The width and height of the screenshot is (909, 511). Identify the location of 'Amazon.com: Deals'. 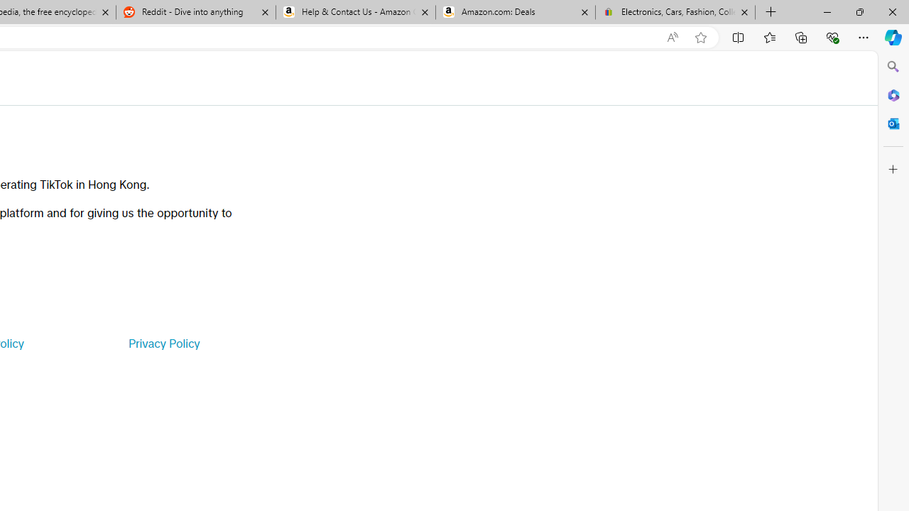
(515, 12).